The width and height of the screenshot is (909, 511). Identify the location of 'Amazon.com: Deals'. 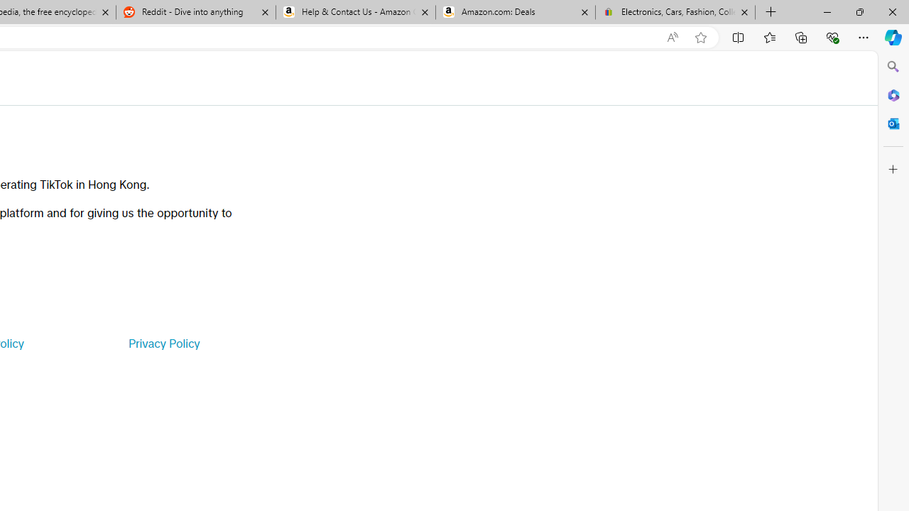
(515, 12).